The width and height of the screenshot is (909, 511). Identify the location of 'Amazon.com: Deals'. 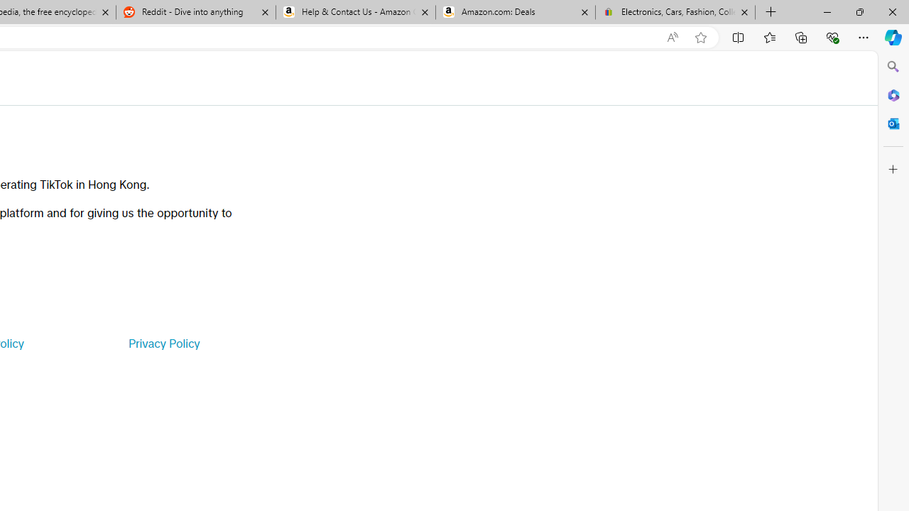
(515, 12).